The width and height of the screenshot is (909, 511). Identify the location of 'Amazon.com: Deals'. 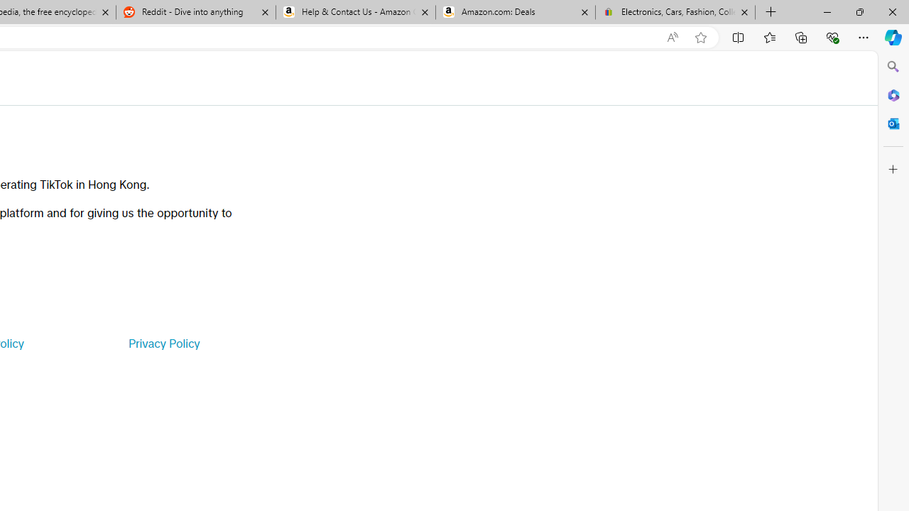
(515, 12).